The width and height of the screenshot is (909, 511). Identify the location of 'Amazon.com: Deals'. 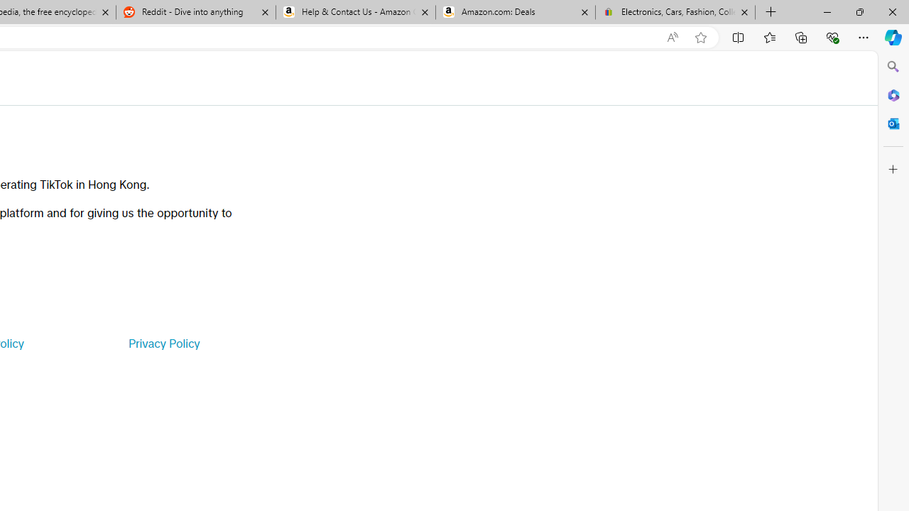
(515, 12).